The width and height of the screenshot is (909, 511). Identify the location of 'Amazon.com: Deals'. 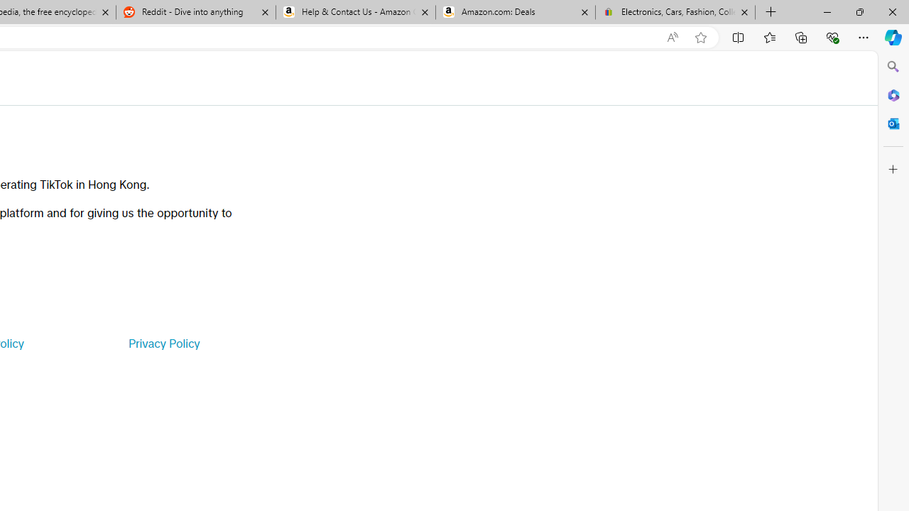
(515, 12).